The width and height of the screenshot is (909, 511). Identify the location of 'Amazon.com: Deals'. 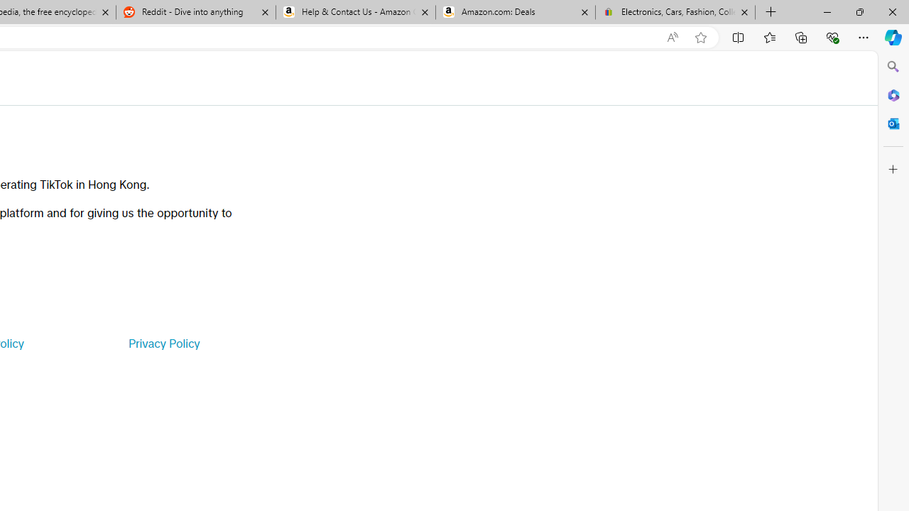
(515, 12).